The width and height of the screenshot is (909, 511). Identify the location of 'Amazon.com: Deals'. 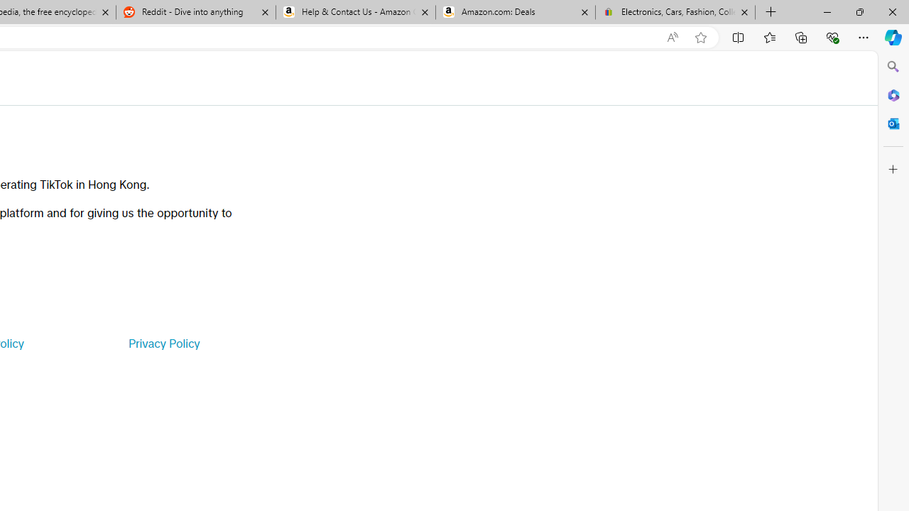
(515, 12).